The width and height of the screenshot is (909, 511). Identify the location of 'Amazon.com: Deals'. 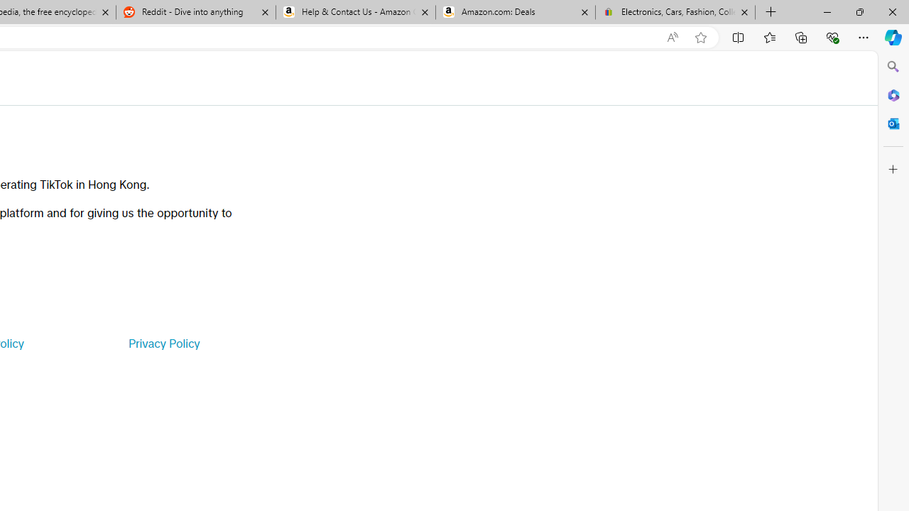
(515, 12).